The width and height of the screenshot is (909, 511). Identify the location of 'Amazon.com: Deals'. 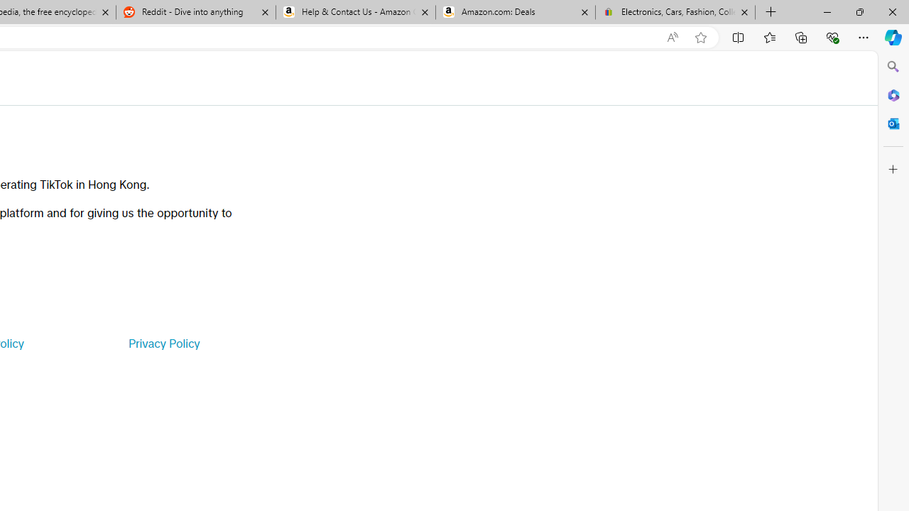
(515, 12).